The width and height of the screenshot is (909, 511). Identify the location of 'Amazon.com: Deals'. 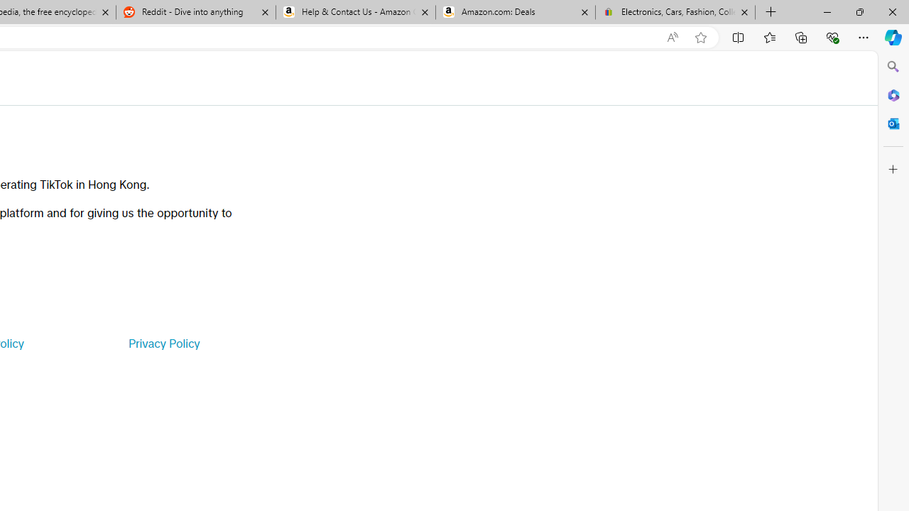
(515, 12).